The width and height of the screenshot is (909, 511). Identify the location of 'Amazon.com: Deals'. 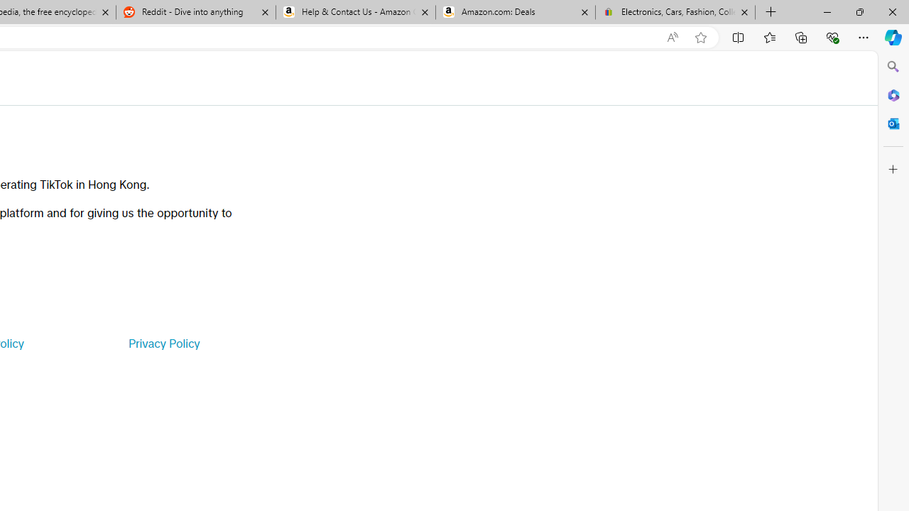
(515, 12).